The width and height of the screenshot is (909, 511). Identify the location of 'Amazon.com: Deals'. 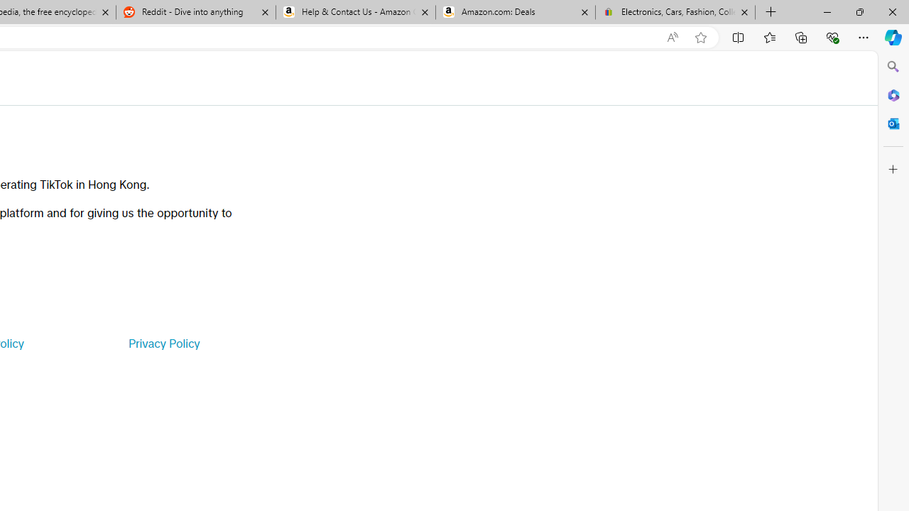
(515, 12).